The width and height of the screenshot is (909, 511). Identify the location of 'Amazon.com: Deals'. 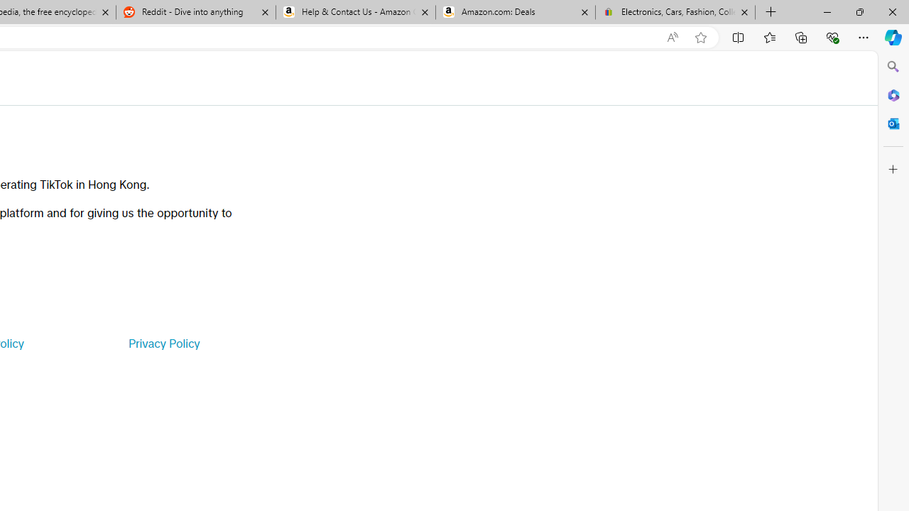
(515, 12).